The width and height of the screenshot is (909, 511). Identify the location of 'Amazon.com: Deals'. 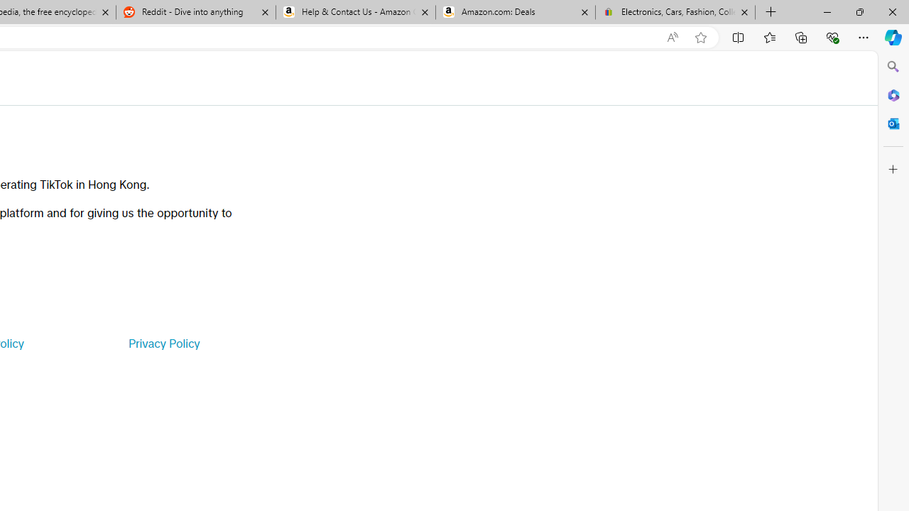
(515, 12).